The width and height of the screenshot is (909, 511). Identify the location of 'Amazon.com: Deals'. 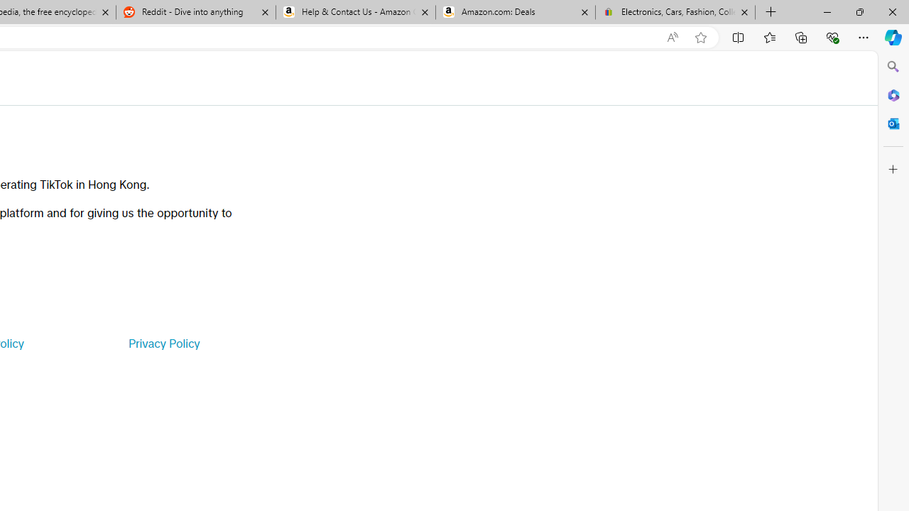
(515, 12).